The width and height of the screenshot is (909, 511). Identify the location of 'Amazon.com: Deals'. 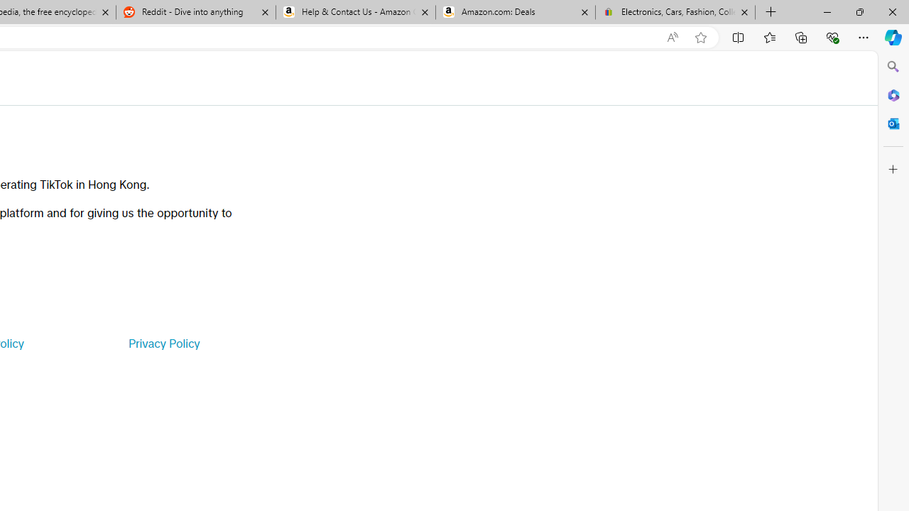
(515, 12).